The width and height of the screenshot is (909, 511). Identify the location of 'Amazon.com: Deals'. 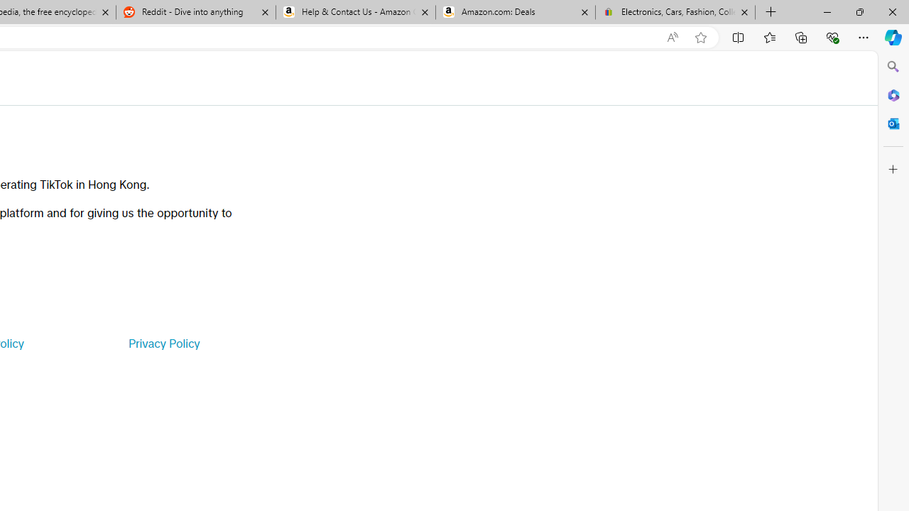
(515, 12).